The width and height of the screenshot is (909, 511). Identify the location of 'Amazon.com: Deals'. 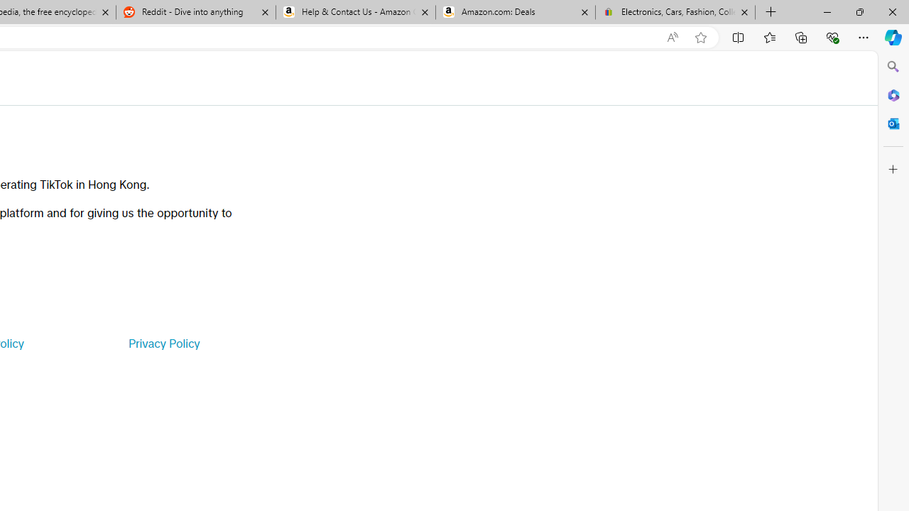
(515, 12).